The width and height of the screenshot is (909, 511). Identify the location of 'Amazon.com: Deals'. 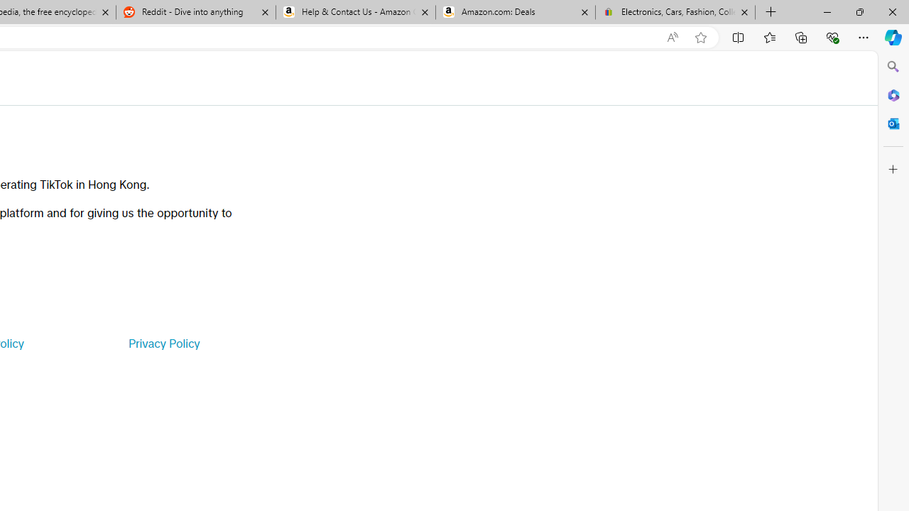
(515, 12).